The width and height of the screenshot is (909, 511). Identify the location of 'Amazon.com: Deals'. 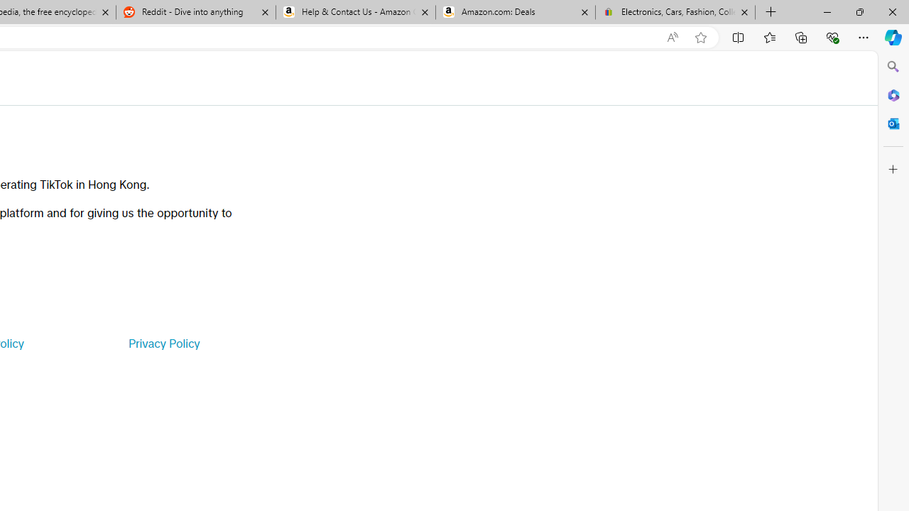
(515, 12).